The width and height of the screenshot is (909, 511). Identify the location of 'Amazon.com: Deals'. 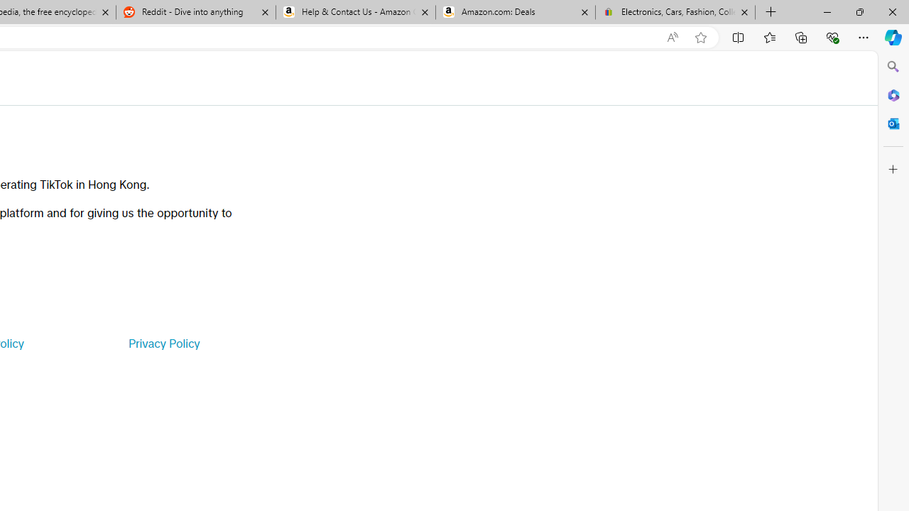
(515, 12).